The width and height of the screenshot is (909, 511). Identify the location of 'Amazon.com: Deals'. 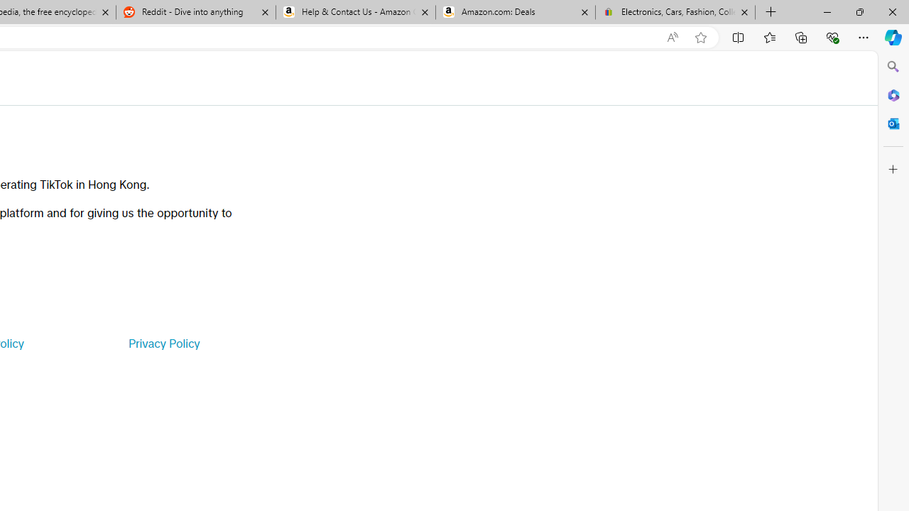
(515, 12).